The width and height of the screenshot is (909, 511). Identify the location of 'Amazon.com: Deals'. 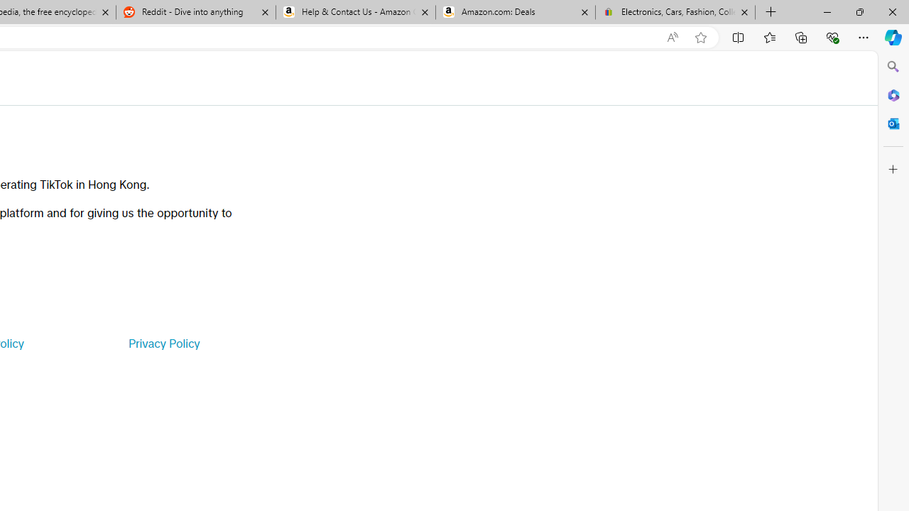
(515, 12).